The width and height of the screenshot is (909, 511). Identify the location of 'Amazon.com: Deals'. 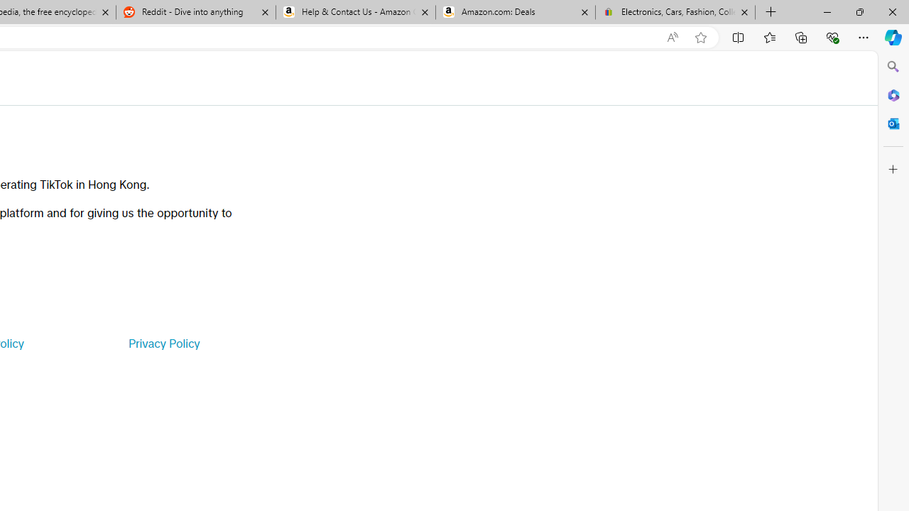
(515, 12).